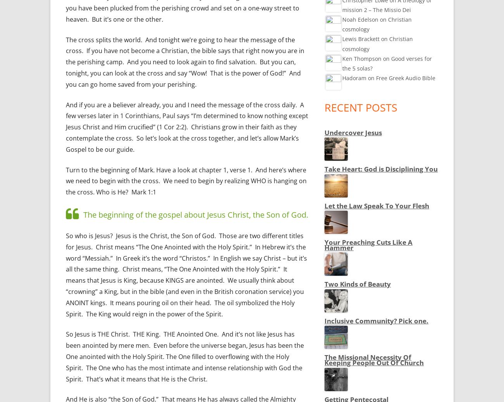  I want to click on 'So Jesus is THE Christ.  THE King.  THE Anointed One.  And it’s not like Jesus has been anointed by mere men.  Even before the universe began, Jesus has been the One anointed with the Holy Spirit. The One filled to overflowing with the Holy Spirit.  The One who has the most intimate and intense relationship with God the Spirit.  That’s what it means that He is the Christ.', so click(184, 356).